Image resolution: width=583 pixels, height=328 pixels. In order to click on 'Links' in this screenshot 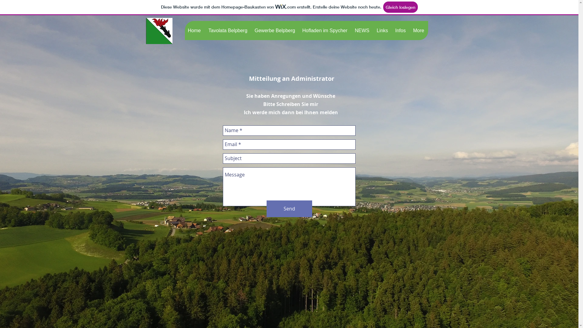, I will do `click(382, 30)`.